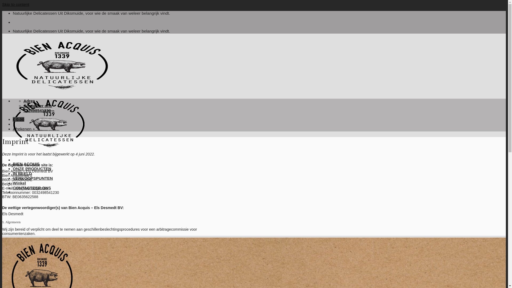  Describe the element at coordinates (31, 187) in the screenshot. I see `'CONTACTEER ONS'` at that location.